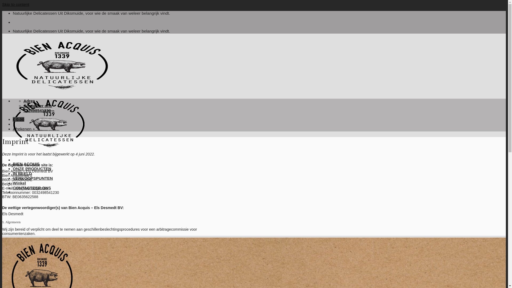  Describe the element at coordinates (31, 187) in the screenshot. I see `'CONTACTEER ONS'` at that location.